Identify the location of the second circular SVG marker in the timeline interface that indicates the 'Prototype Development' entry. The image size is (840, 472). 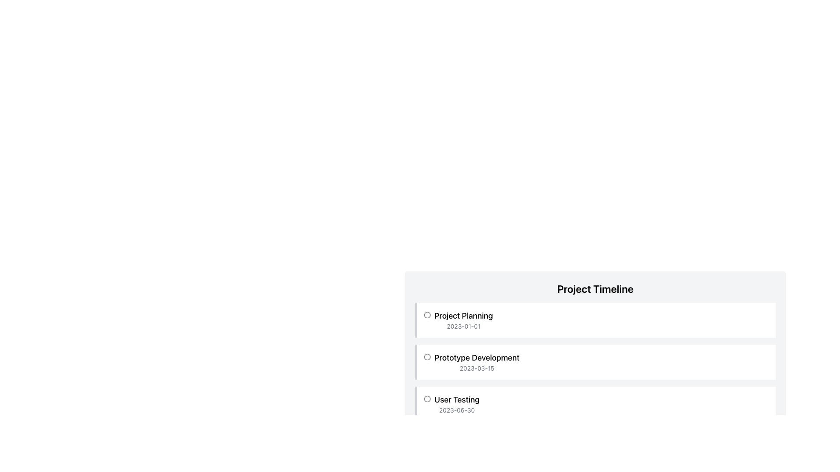
(427, 357).